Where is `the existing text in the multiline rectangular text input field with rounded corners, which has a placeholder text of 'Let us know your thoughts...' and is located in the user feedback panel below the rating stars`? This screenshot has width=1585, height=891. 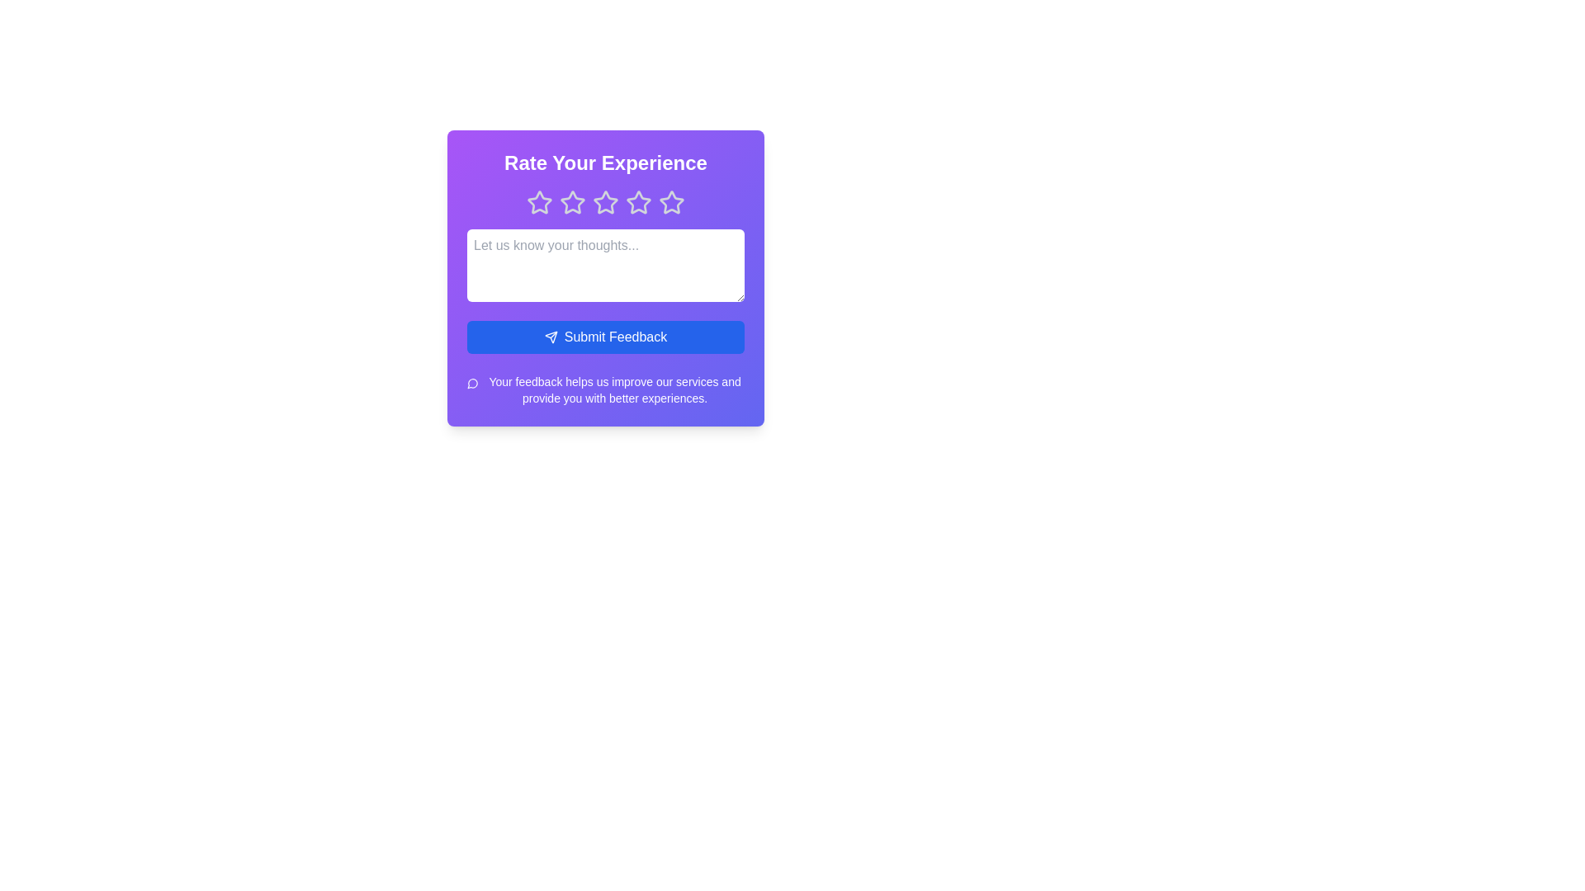 the existing text in the multiline rectangular text input field with rounded corners, which has a placeholder text of 'Let us know your thoughts...' and is located in the user feedback panel below the rating stars is located at coordinates (605, 264).